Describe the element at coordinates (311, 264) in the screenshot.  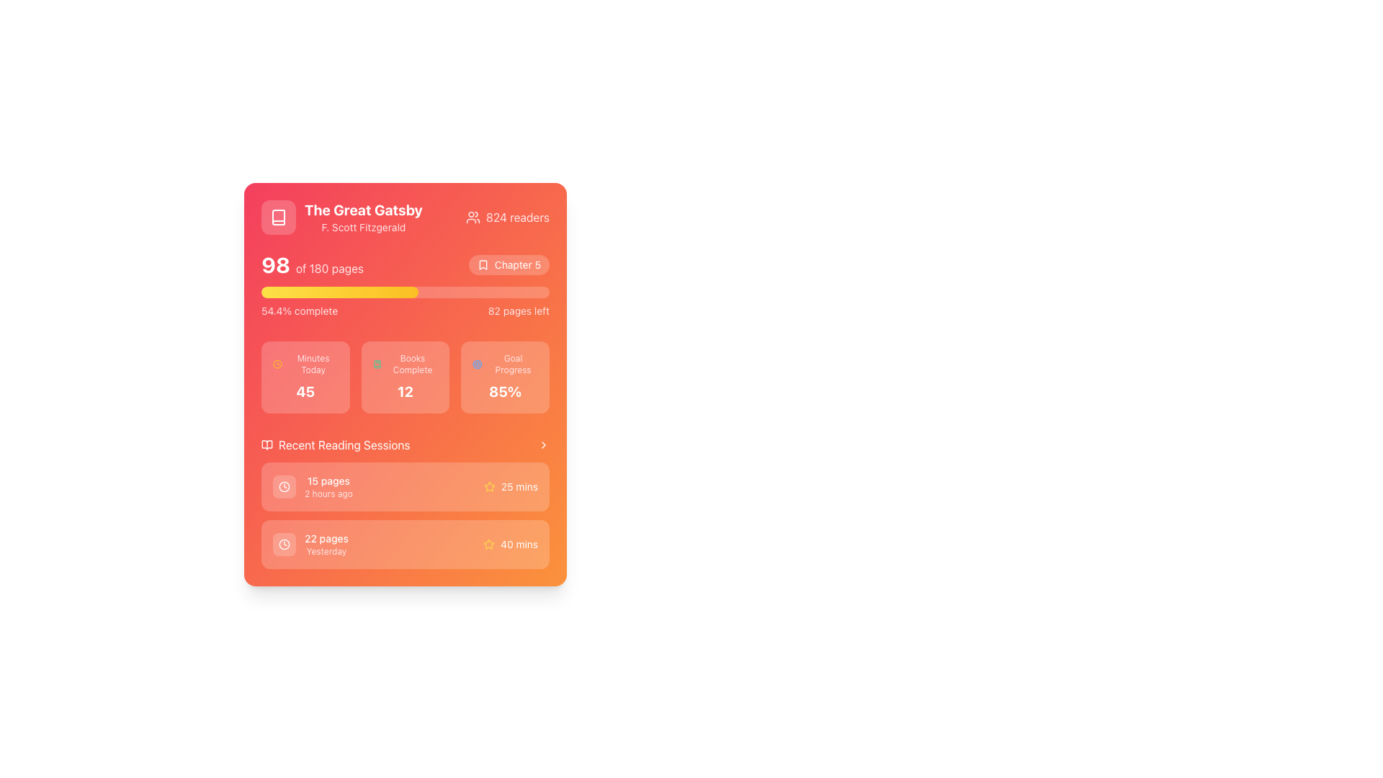
I see `displayed numerical value '98' and descriptive phrase 'of 180 pages' from the text element located in the upper section of the panel, which has a gradient background and is positioned to the left of 'Chapter 5'` at that location.